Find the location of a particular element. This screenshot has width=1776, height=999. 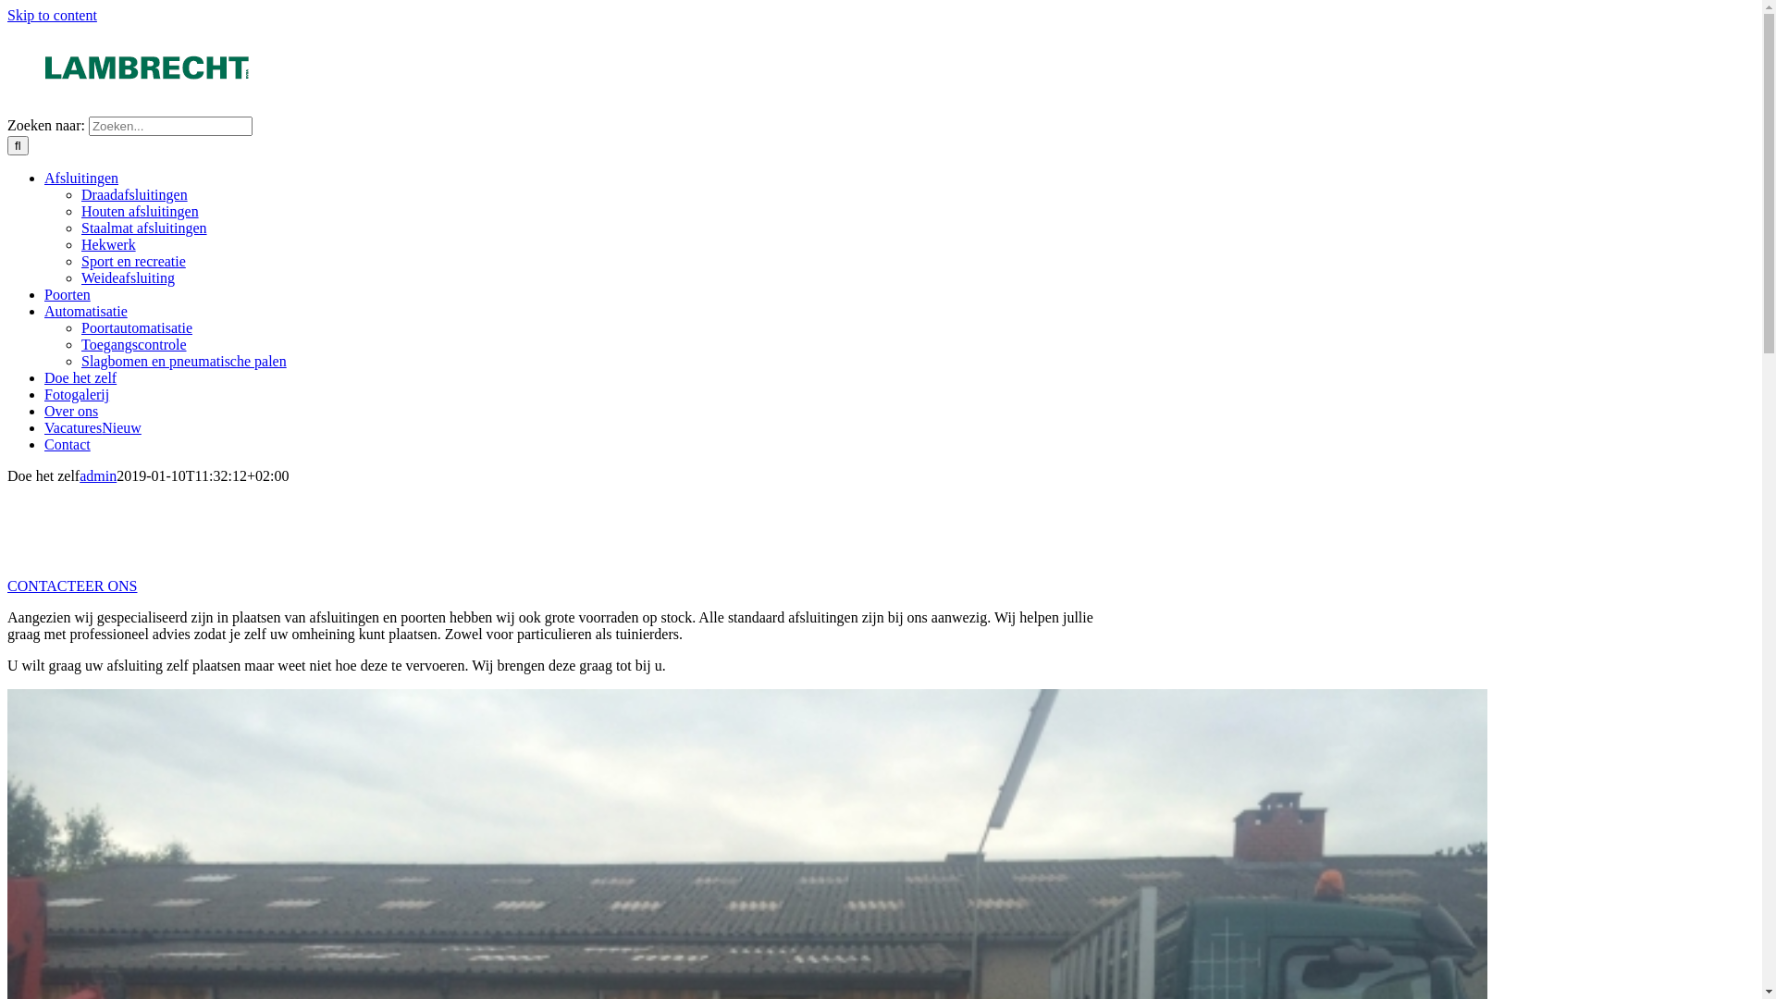

'Poortautomatisatie' is located at coordinates (136, 327).